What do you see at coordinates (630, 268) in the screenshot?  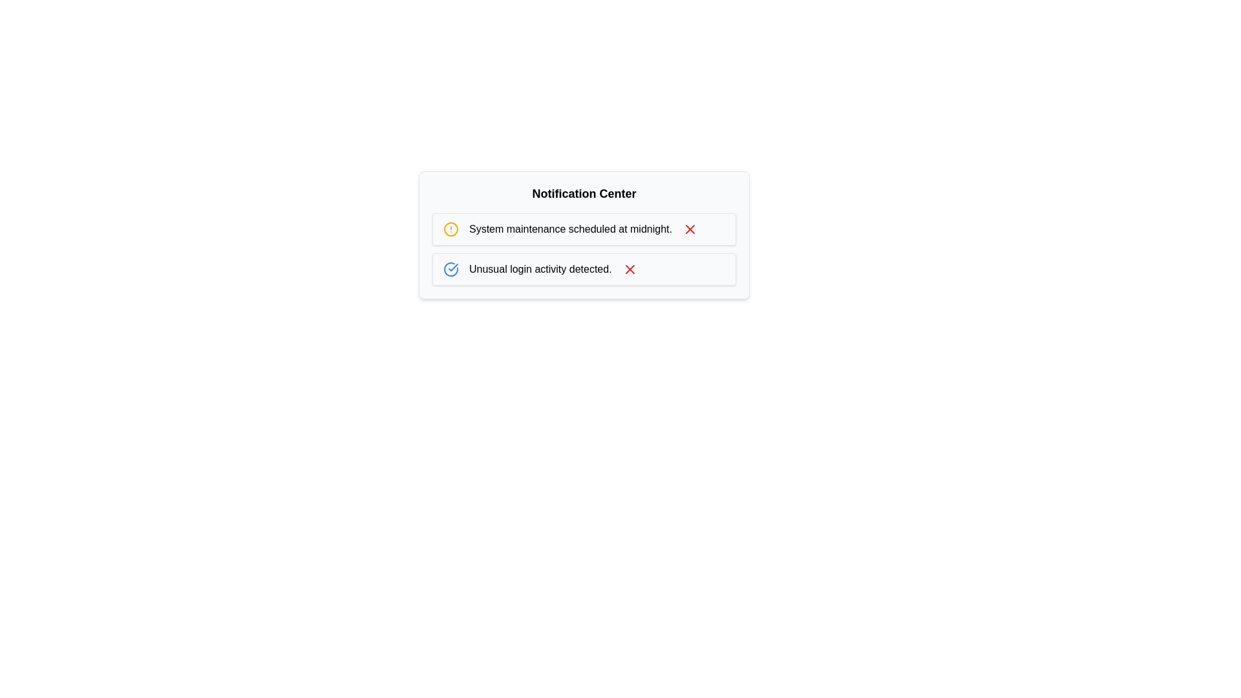 I see `the red-colored close (X) icon button located in the bottom row of the notification list to change its appearance` at bounding box center [630, 268].